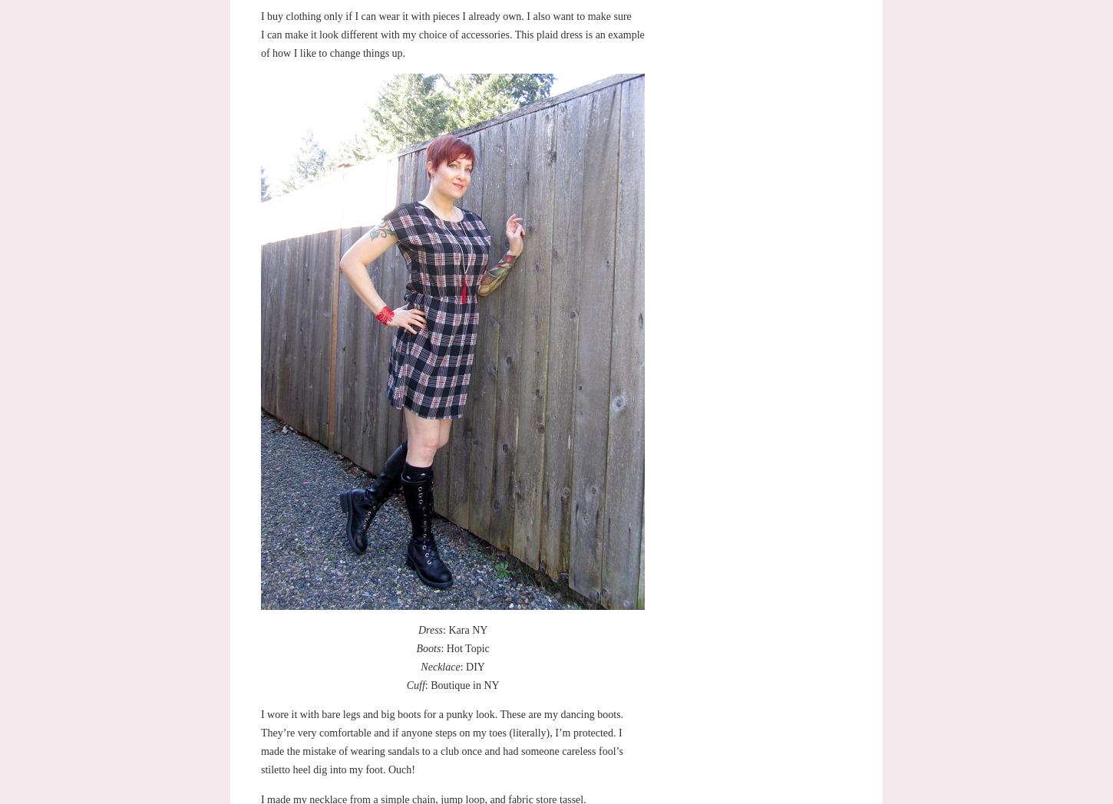 This screenshot has height=804, width=1113. What do you see at coordinates (441, 740) in the screenshot?
I see `'I wore it with bare legs and big boots for a punky look. These are my dancing boots. They’re very comfortable and if anyone steps on my toes (literally), I’m protected. I made the mistake of wearing sandals to a club once and had someone careless fool’s stiletto heel dig into my foot. Ouch!'` at bounding box center [441, 740].